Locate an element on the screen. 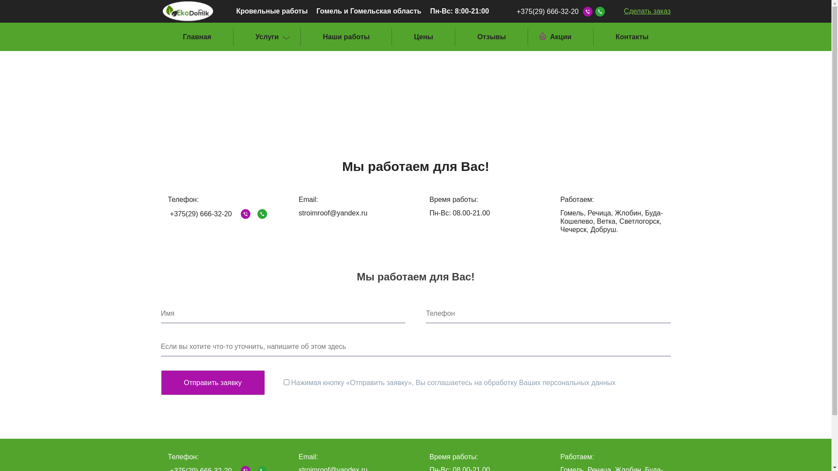 Image resolution: width=838 pixels, height=471 pixels. '+375(29) 666-32-20' is located at coordinates (547, 11).